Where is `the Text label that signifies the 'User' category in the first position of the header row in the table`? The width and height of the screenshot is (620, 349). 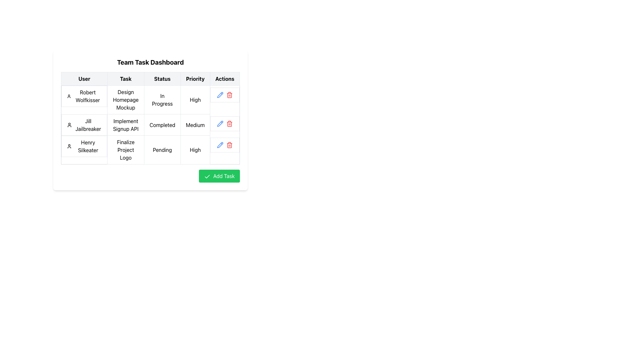
the Text label that signifies the 'User' category in the first position of the header row in the table is located at coordinates (84, 78).